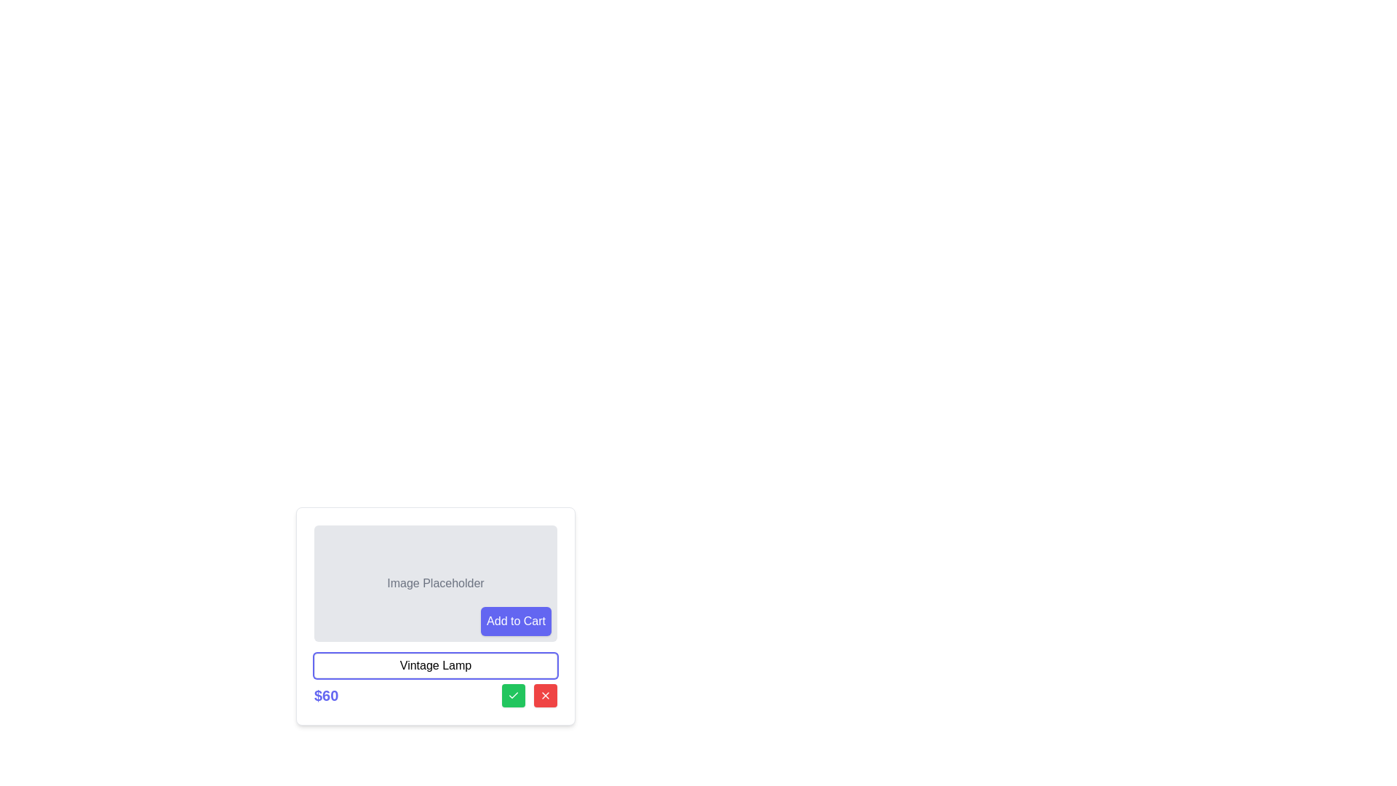  Describe the element at coordinates (435, 583) in the screenshot. I see `the interactive text label displaying 'Image Placeholder' which is centered within a light gray background` at that location.